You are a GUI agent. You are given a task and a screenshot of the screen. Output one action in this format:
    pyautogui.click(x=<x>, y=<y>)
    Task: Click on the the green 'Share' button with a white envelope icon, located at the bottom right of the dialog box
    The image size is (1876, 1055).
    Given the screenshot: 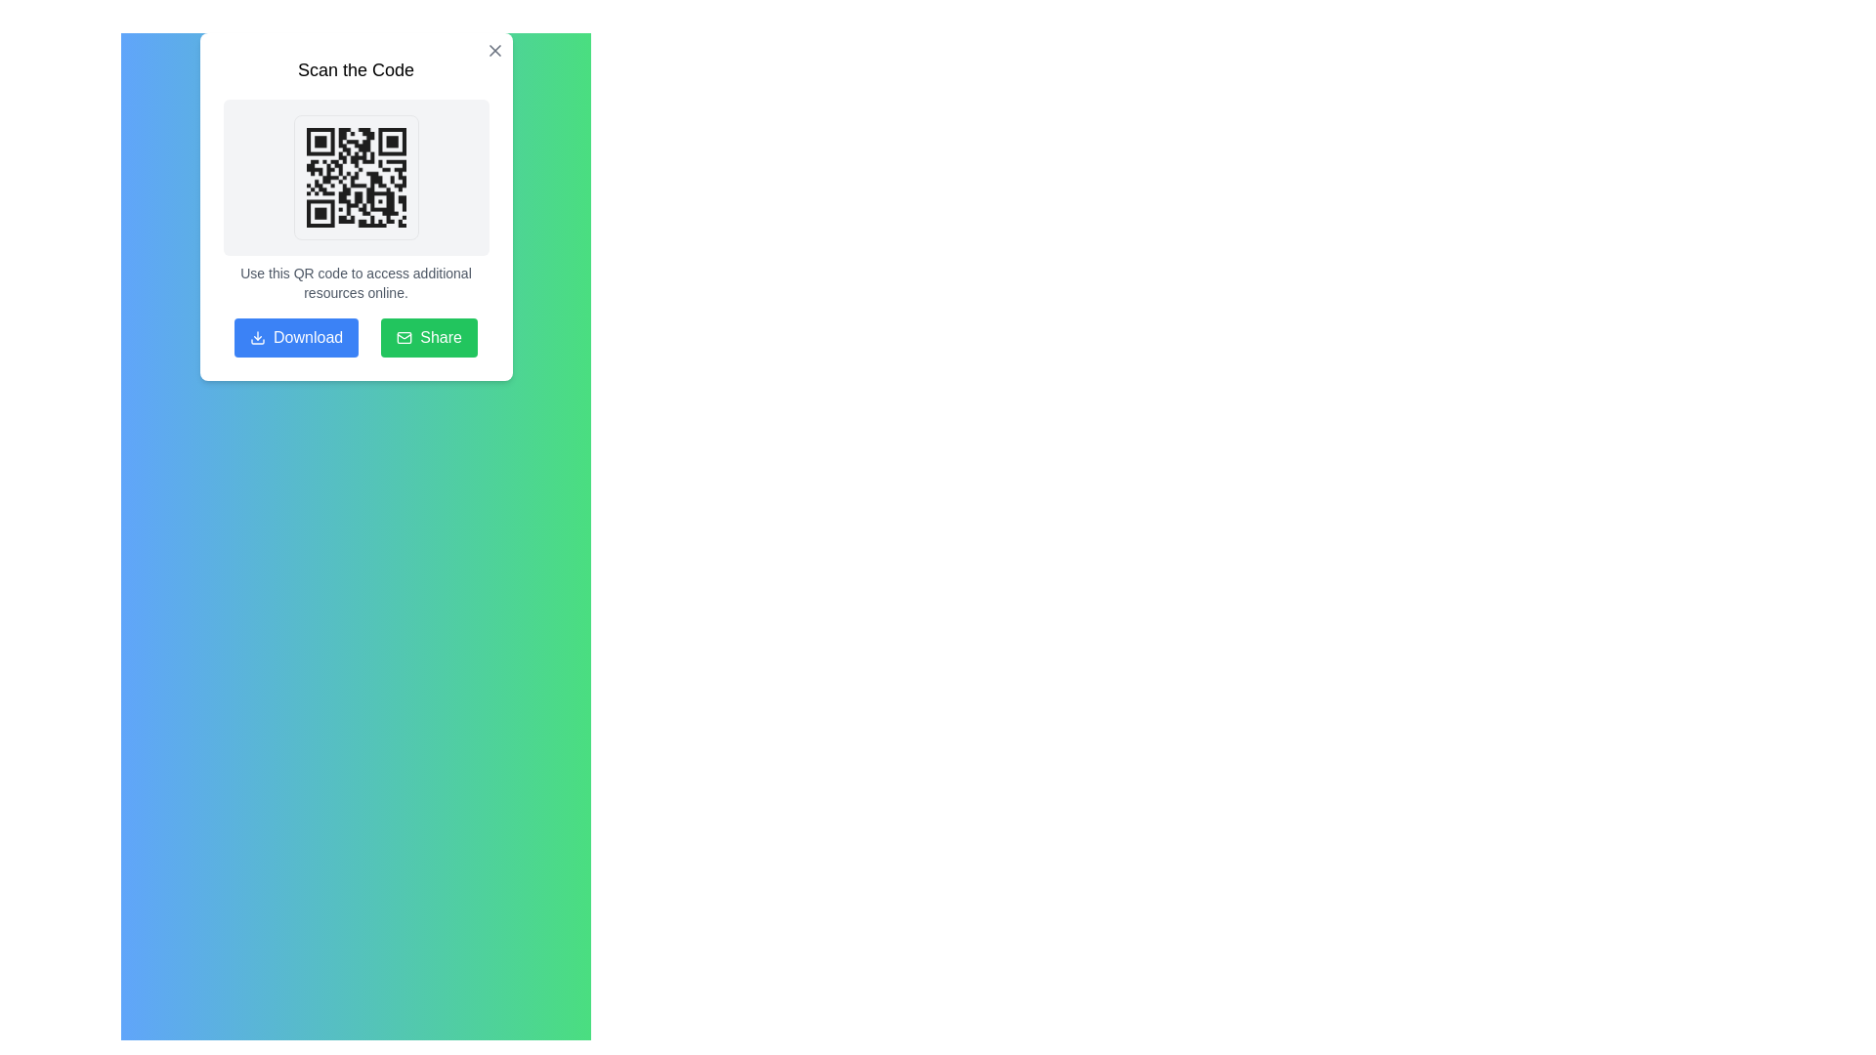 What is the action you would take?
    pyautogui.click(x=428, y=337)
    